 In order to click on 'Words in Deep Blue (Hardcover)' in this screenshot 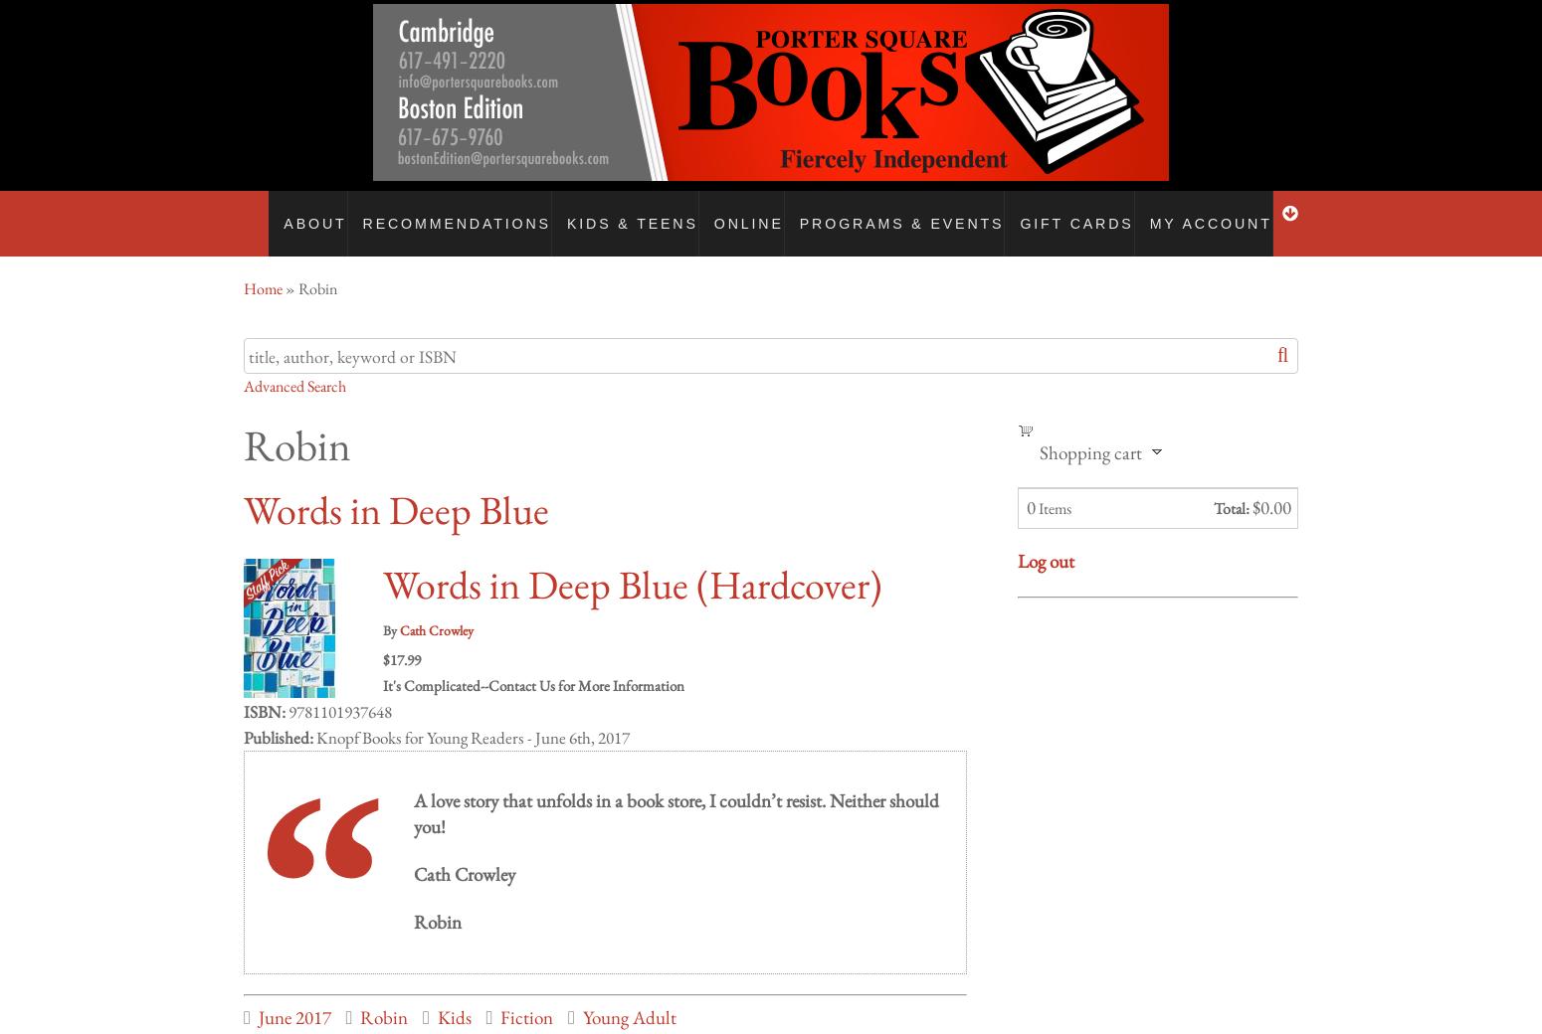, I will do `click(631, 564)`.